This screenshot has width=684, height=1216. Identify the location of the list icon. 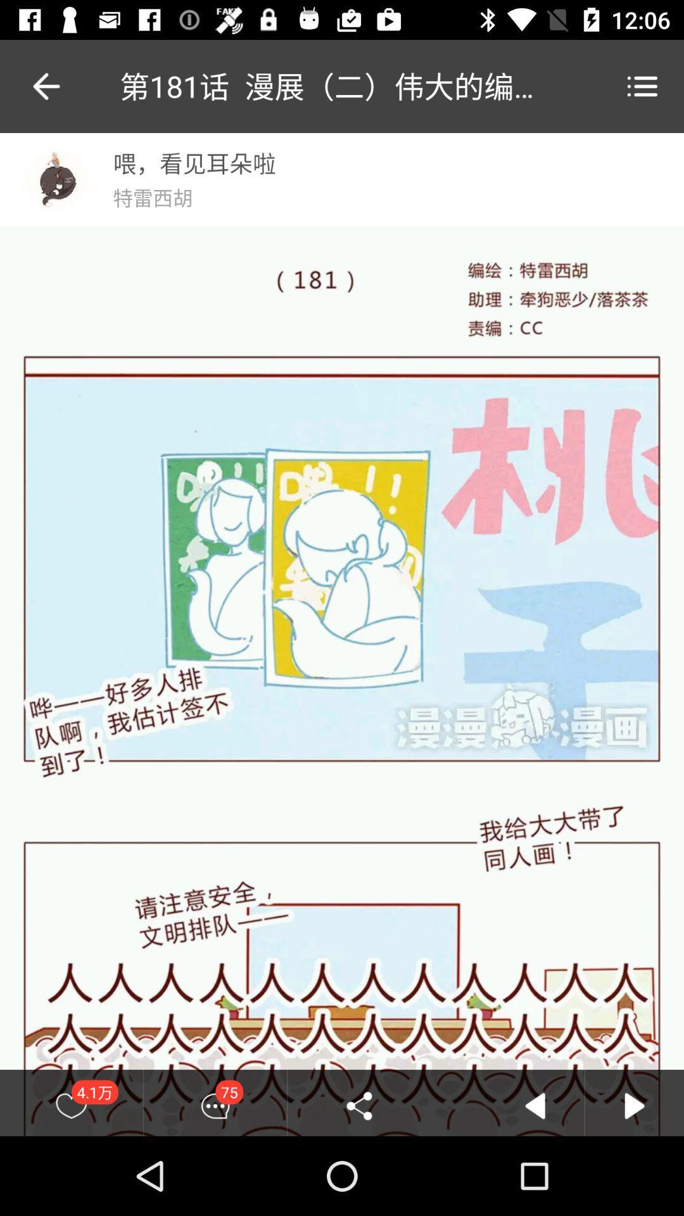
(642, 85).